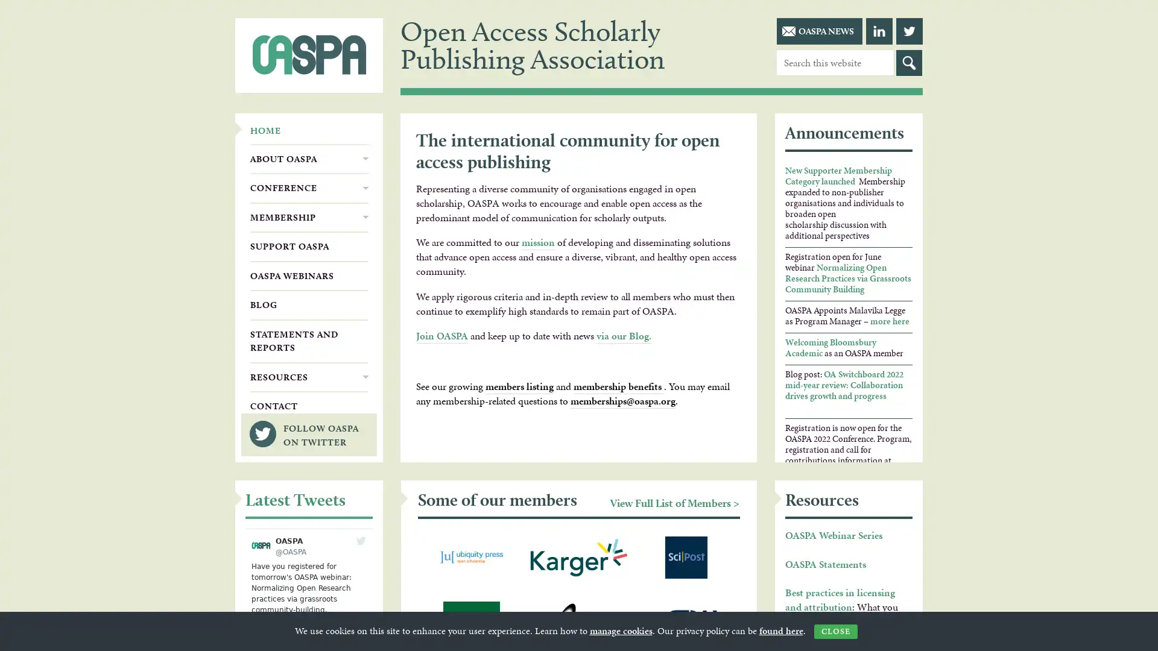 This screenshot has width=1158, height=651. I want to click on Search, so click(909, 63).